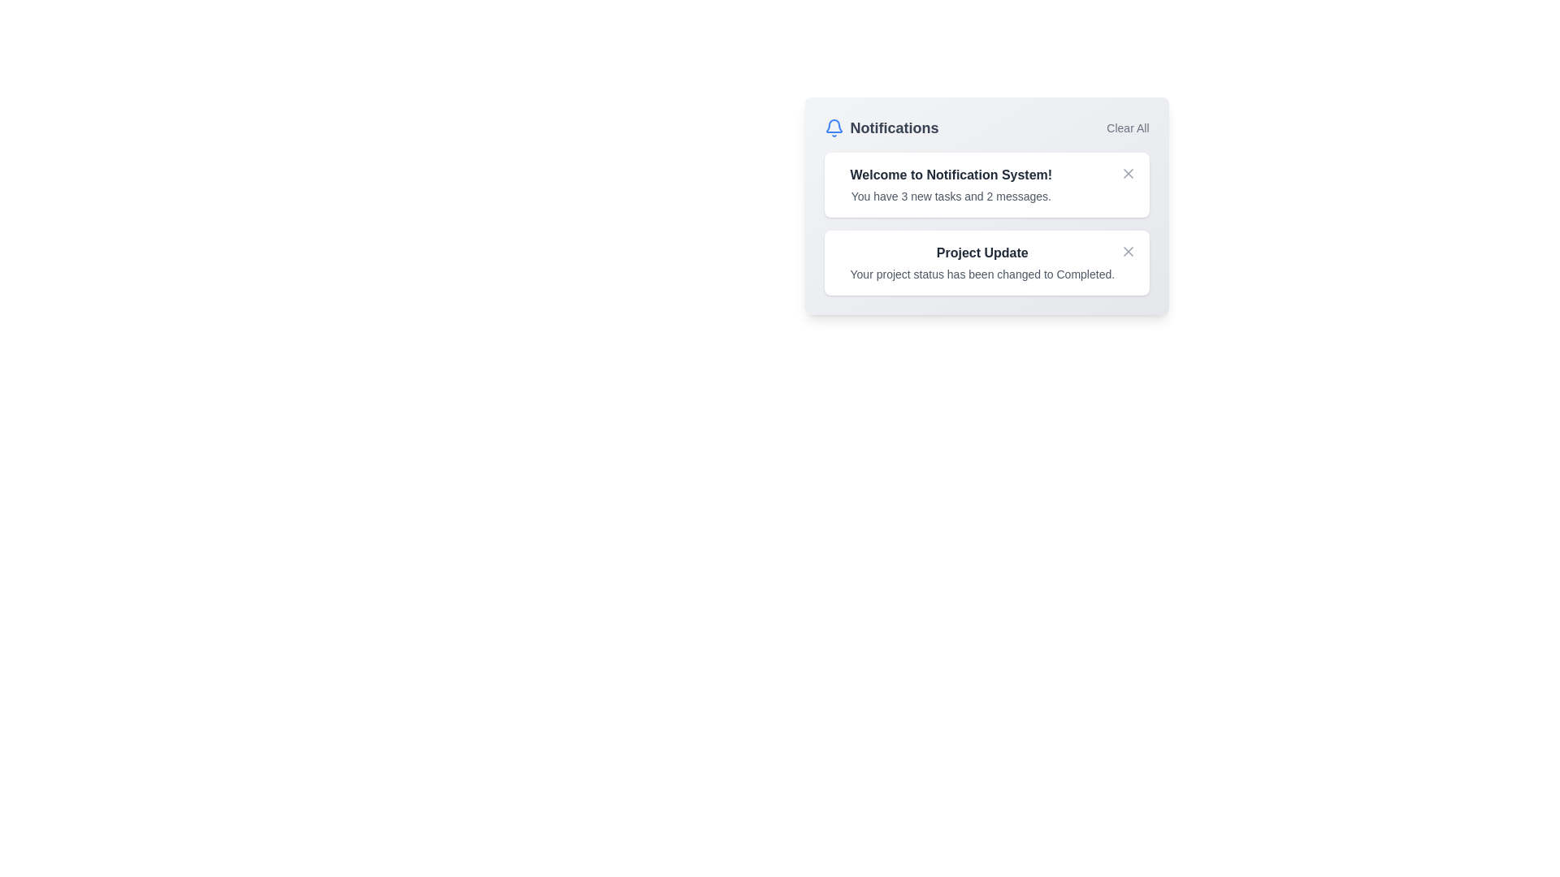  What do you see at coordinates (981, 274) in the screenshot?
I see `the text label that reads 'Your project status has been changed to Completed.' which is located below the 'Project Update' title in the second notification block` at bounding box center [981, 274].